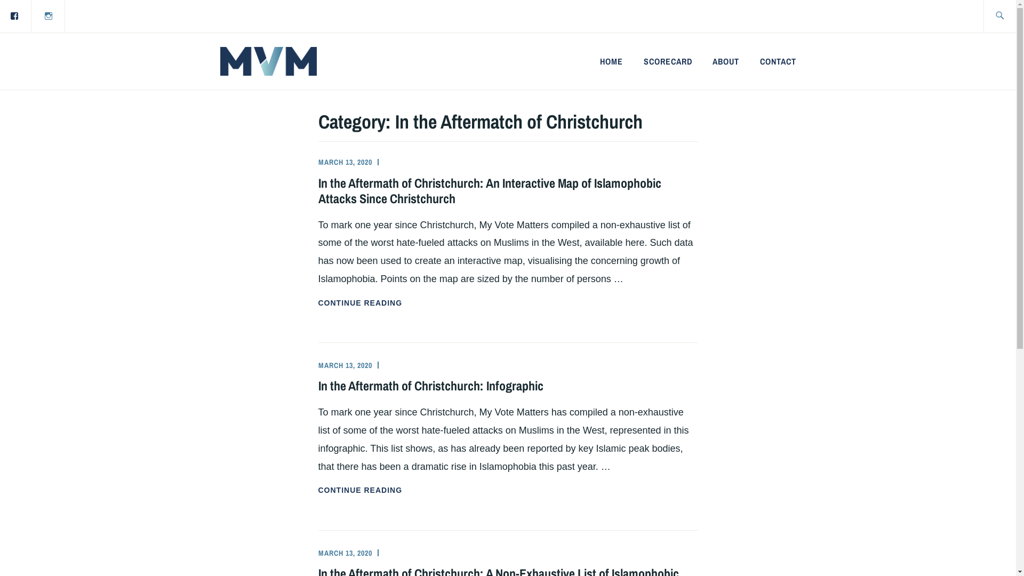 The height and width of the screenshot is (576, 1024). I want to click on 'Instagram', so click(48, 15).